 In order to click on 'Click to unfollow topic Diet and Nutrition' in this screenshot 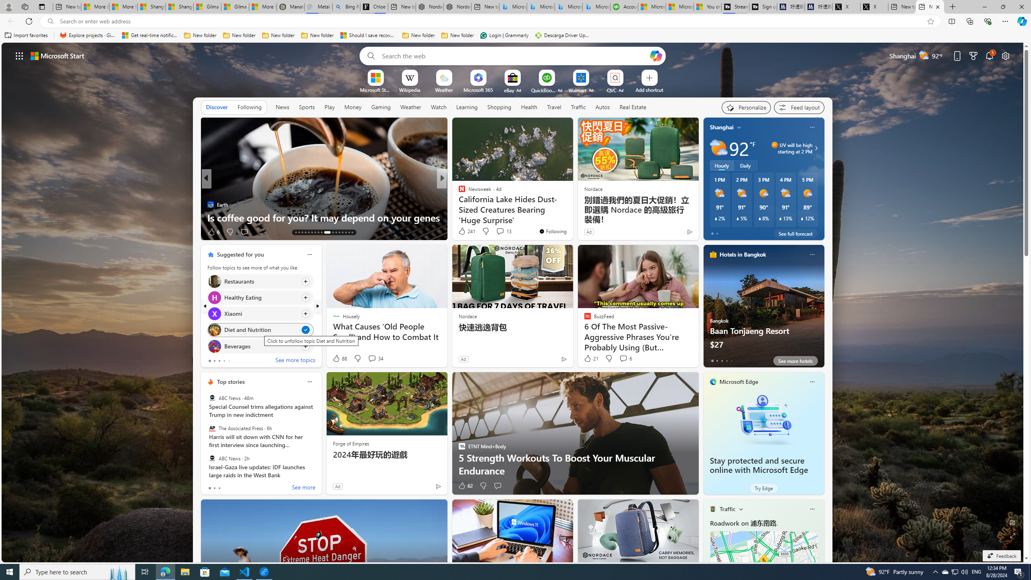, I will do `click(260, 330)`.